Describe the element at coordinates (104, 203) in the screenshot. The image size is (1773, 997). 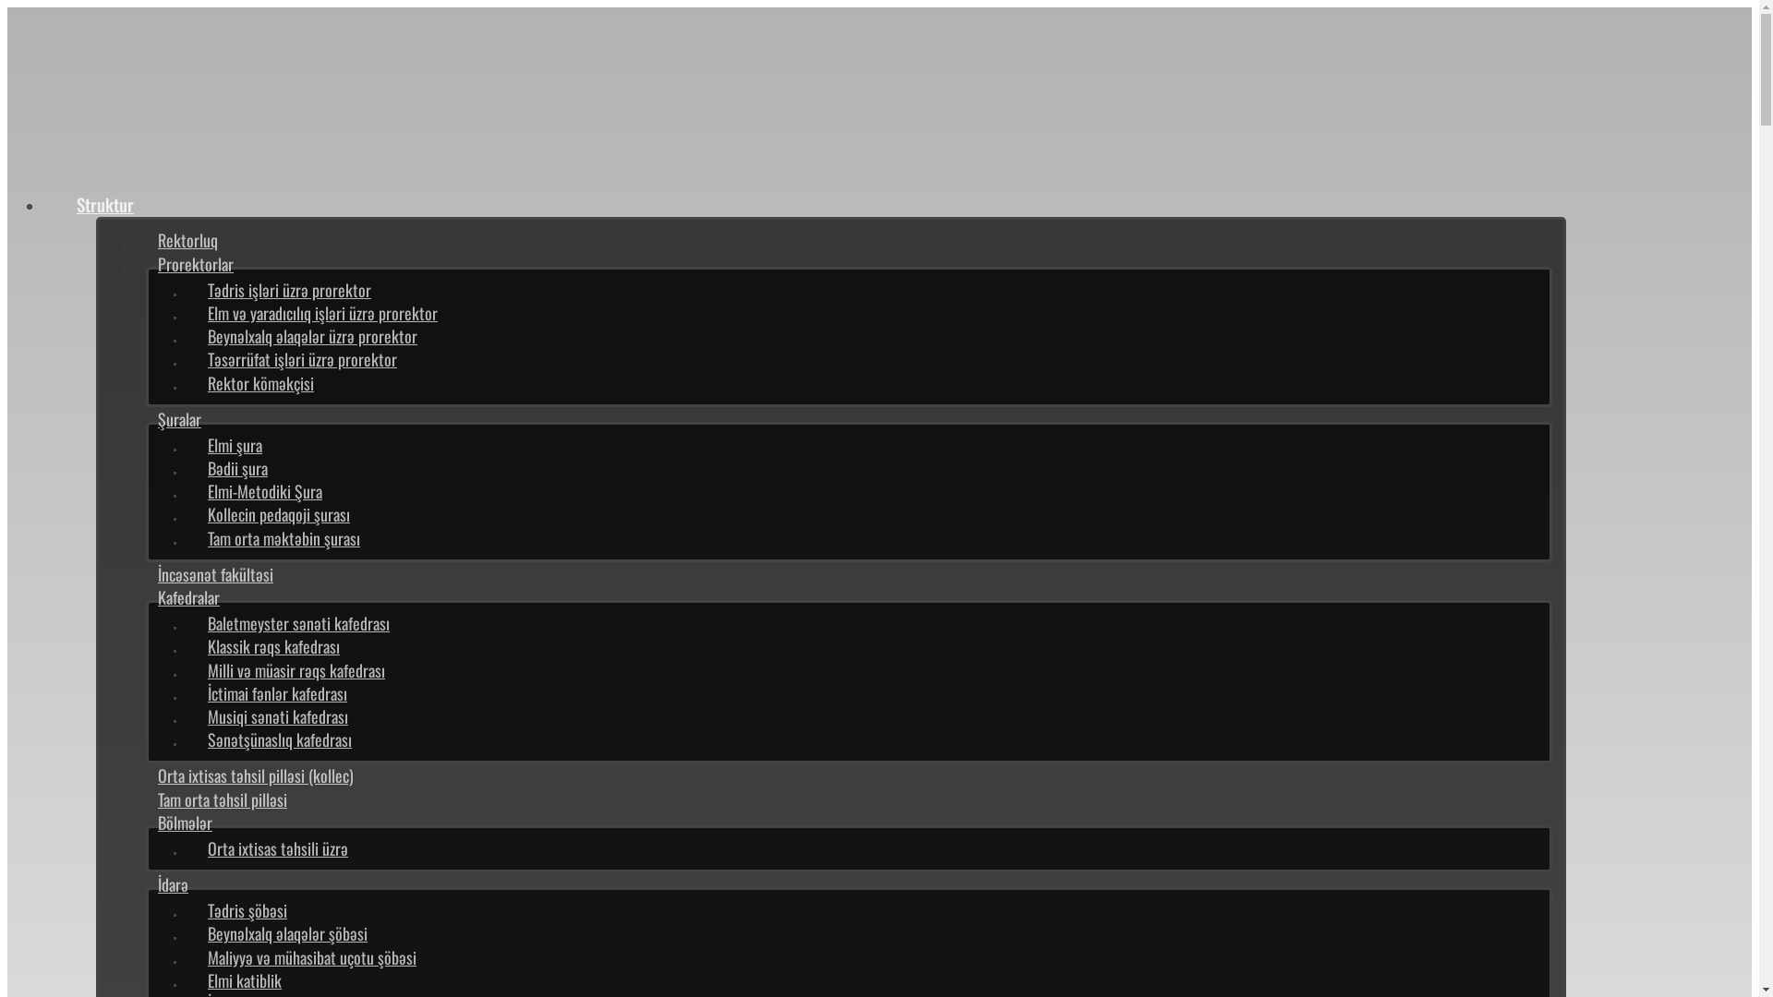
I see `'Struktur'` at that location.